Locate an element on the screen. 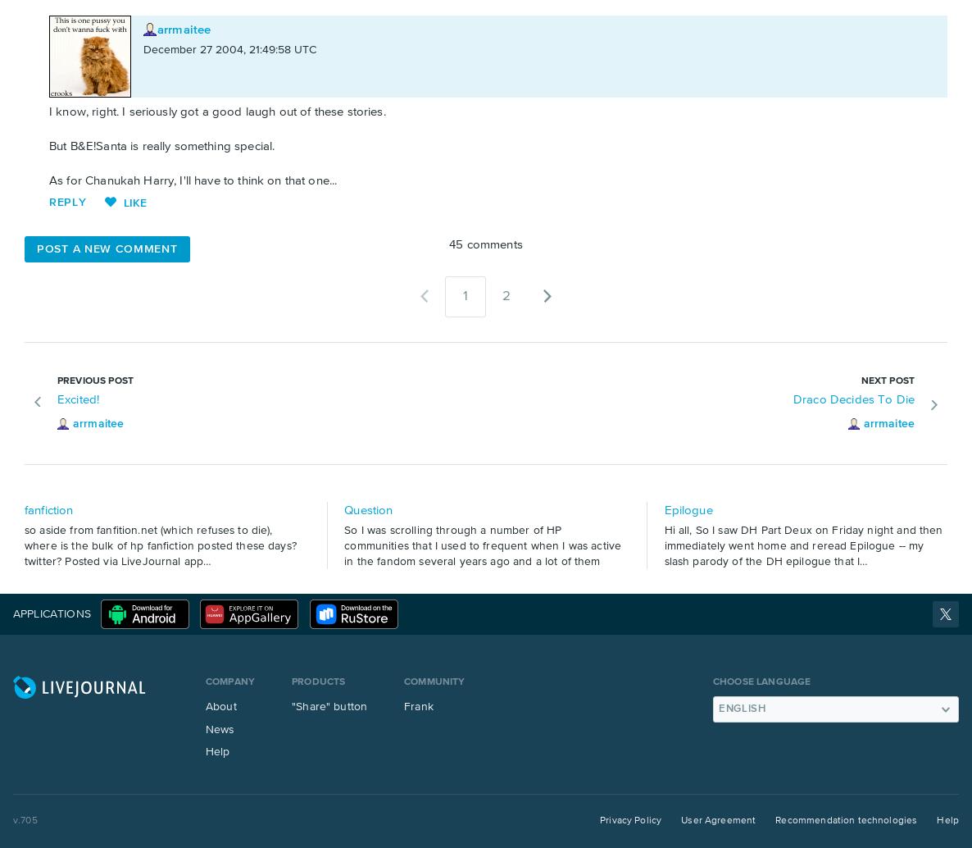 This screenshot has width=972, height=848. 'Reply' is located at coordinates (67, 201).